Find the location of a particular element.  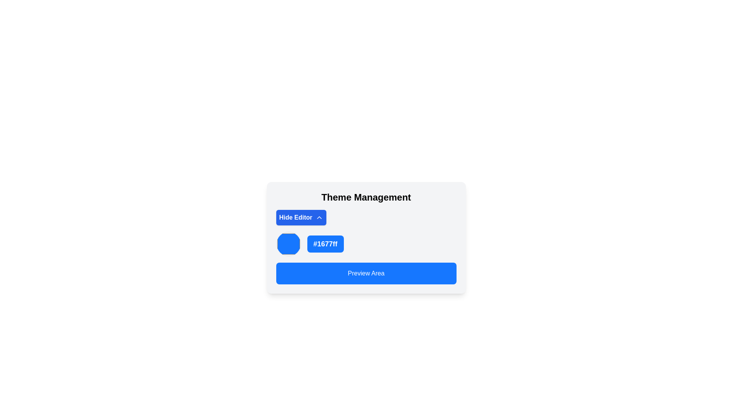

the 'Hide Editor' text label within the blue button is located at coordinates (295, 217).